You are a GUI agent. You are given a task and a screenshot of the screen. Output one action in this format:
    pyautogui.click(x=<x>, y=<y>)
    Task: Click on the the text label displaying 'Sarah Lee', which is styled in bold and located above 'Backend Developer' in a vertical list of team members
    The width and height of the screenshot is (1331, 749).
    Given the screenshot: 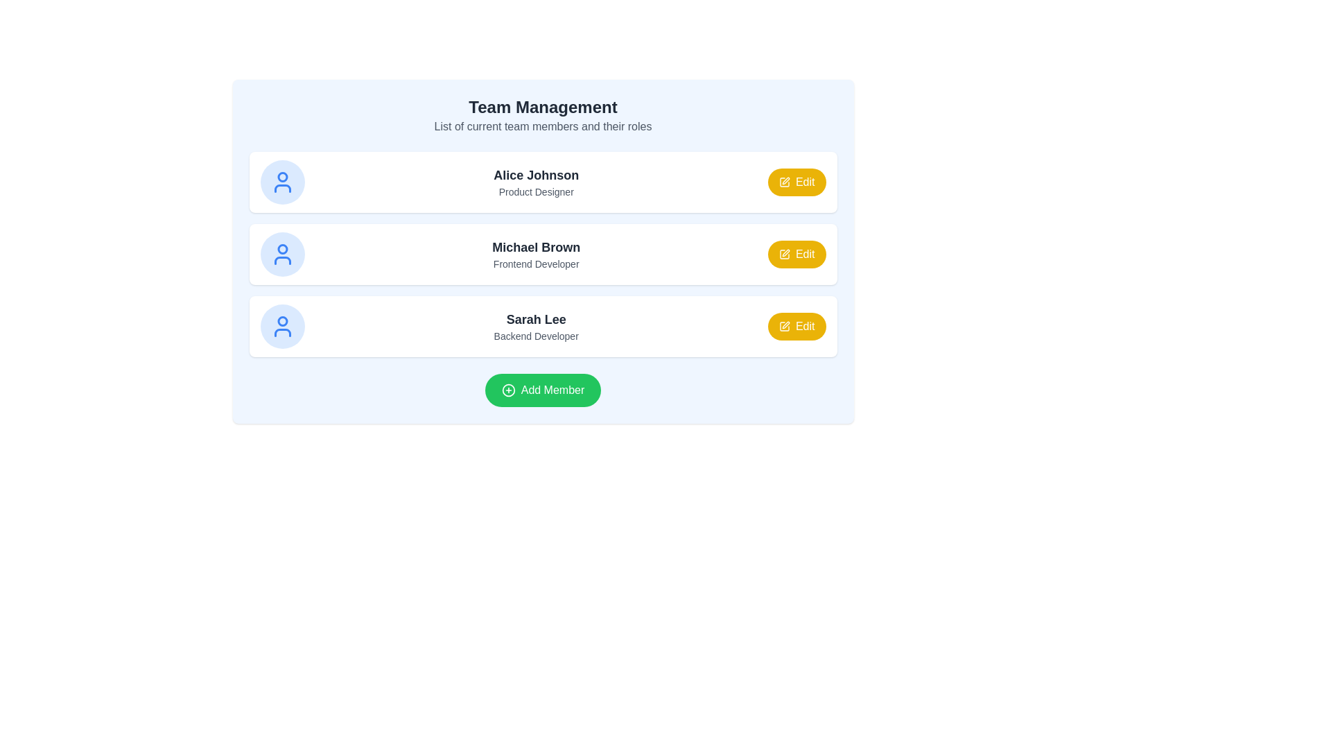 What is the action you would take?
    pyautogui.click(x=535, y=326)
    